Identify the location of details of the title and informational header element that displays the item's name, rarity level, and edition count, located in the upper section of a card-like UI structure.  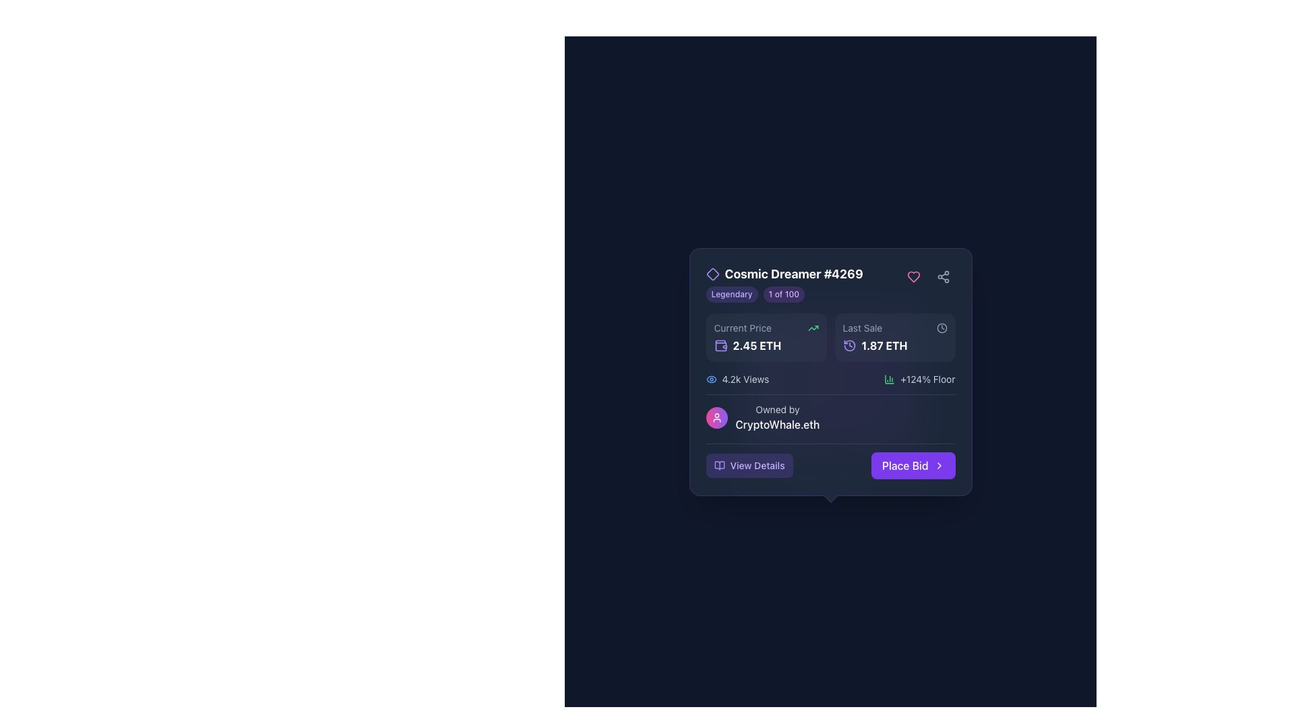
(784, 282).